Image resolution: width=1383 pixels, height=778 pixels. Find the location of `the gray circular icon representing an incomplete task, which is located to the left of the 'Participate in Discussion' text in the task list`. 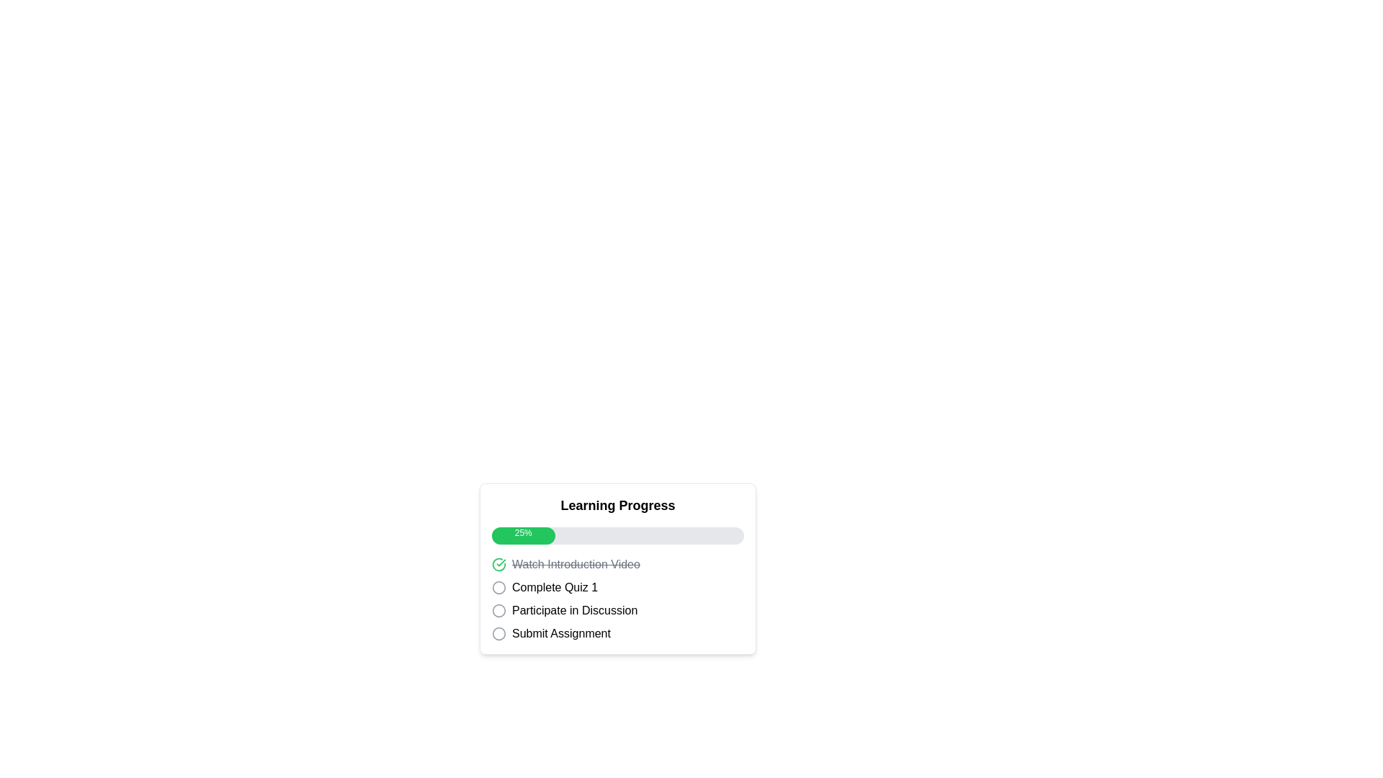

the gray circular icon representing an incomplete task, which is located to the left of the 'Participate in Discussion' text in the task list is located at coordinates (498, 611).